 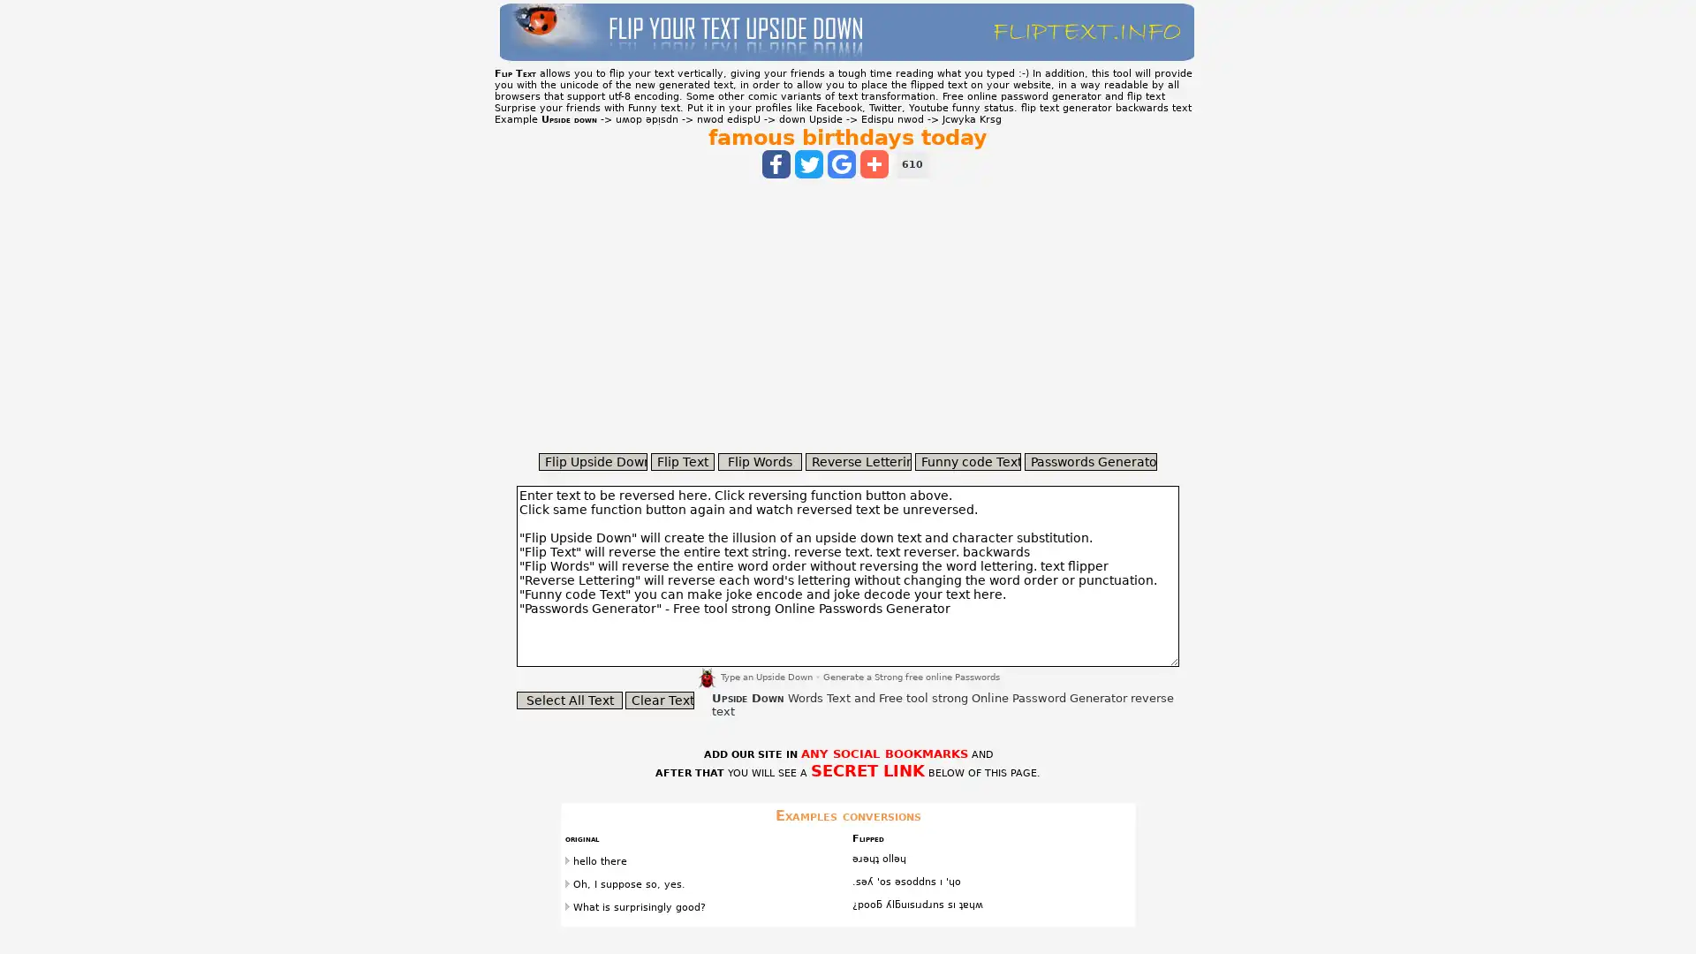 I want to click on Share to Twitter, so click(x=808, y=163).